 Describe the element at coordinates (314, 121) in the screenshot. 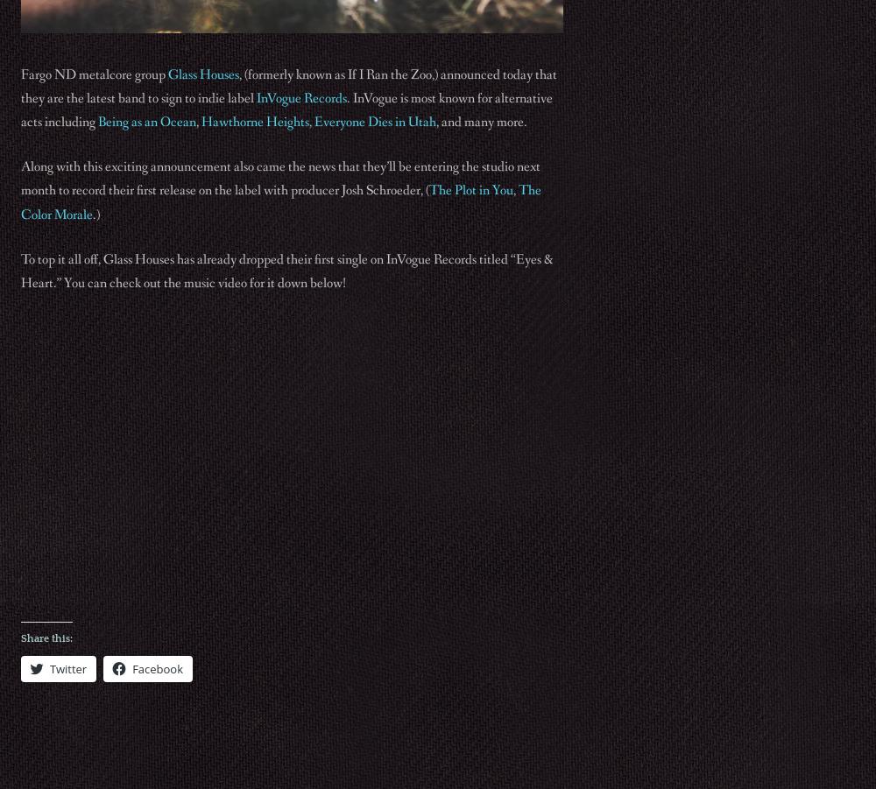

I see `'Everyone Dies in Utah'` at that location.